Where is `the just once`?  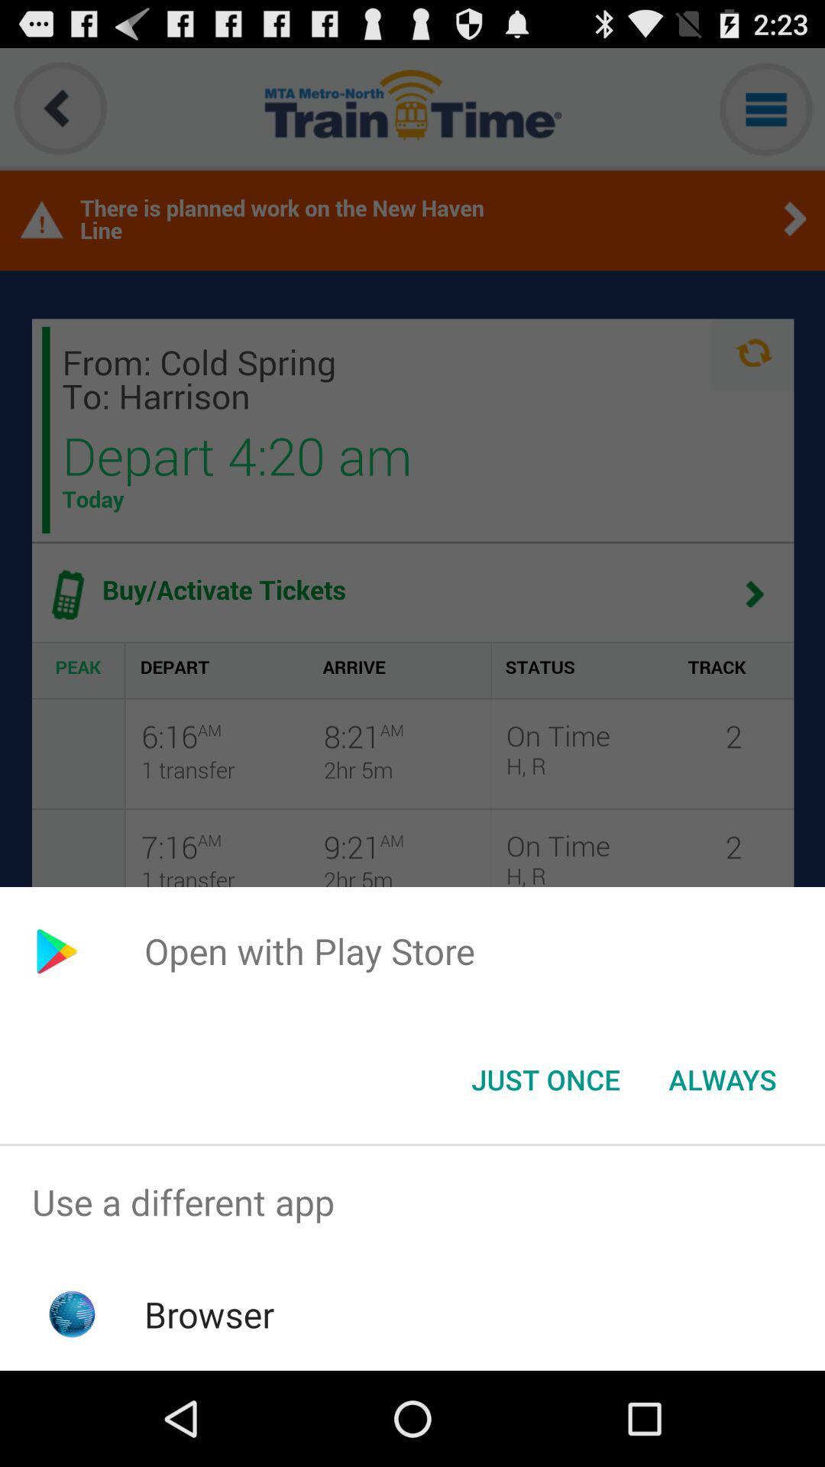
the just once is located at coordinates (545, 1078).